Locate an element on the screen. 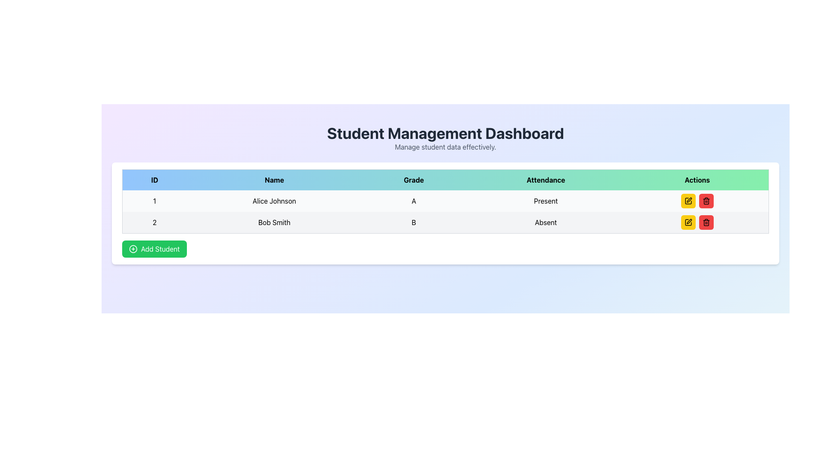 Image resolution: width=823 pixels, height=463 pixels. the edit button located in the 'Actions' column of the second row in the data table to initiate the edit action is located at coordinates (688, 201).